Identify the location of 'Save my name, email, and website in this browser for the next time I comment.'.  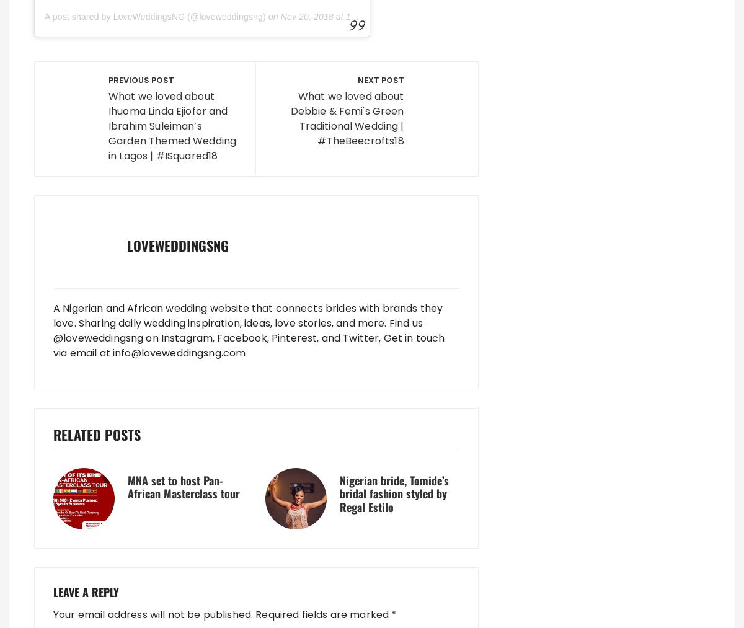
(260, 379).